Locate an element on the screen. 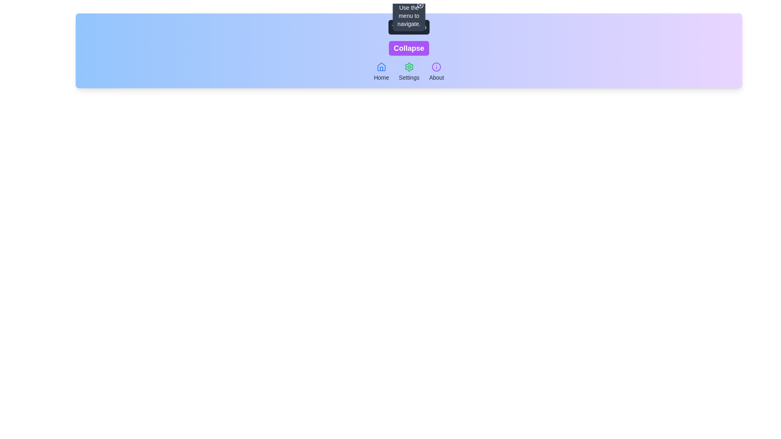 The image size is (781, 439). the 'Home' button, which features a blue house icon and the label 'Home' in dark gray, located in the top center region of the interface within the navigation menu is located at coordinates (381, 72).